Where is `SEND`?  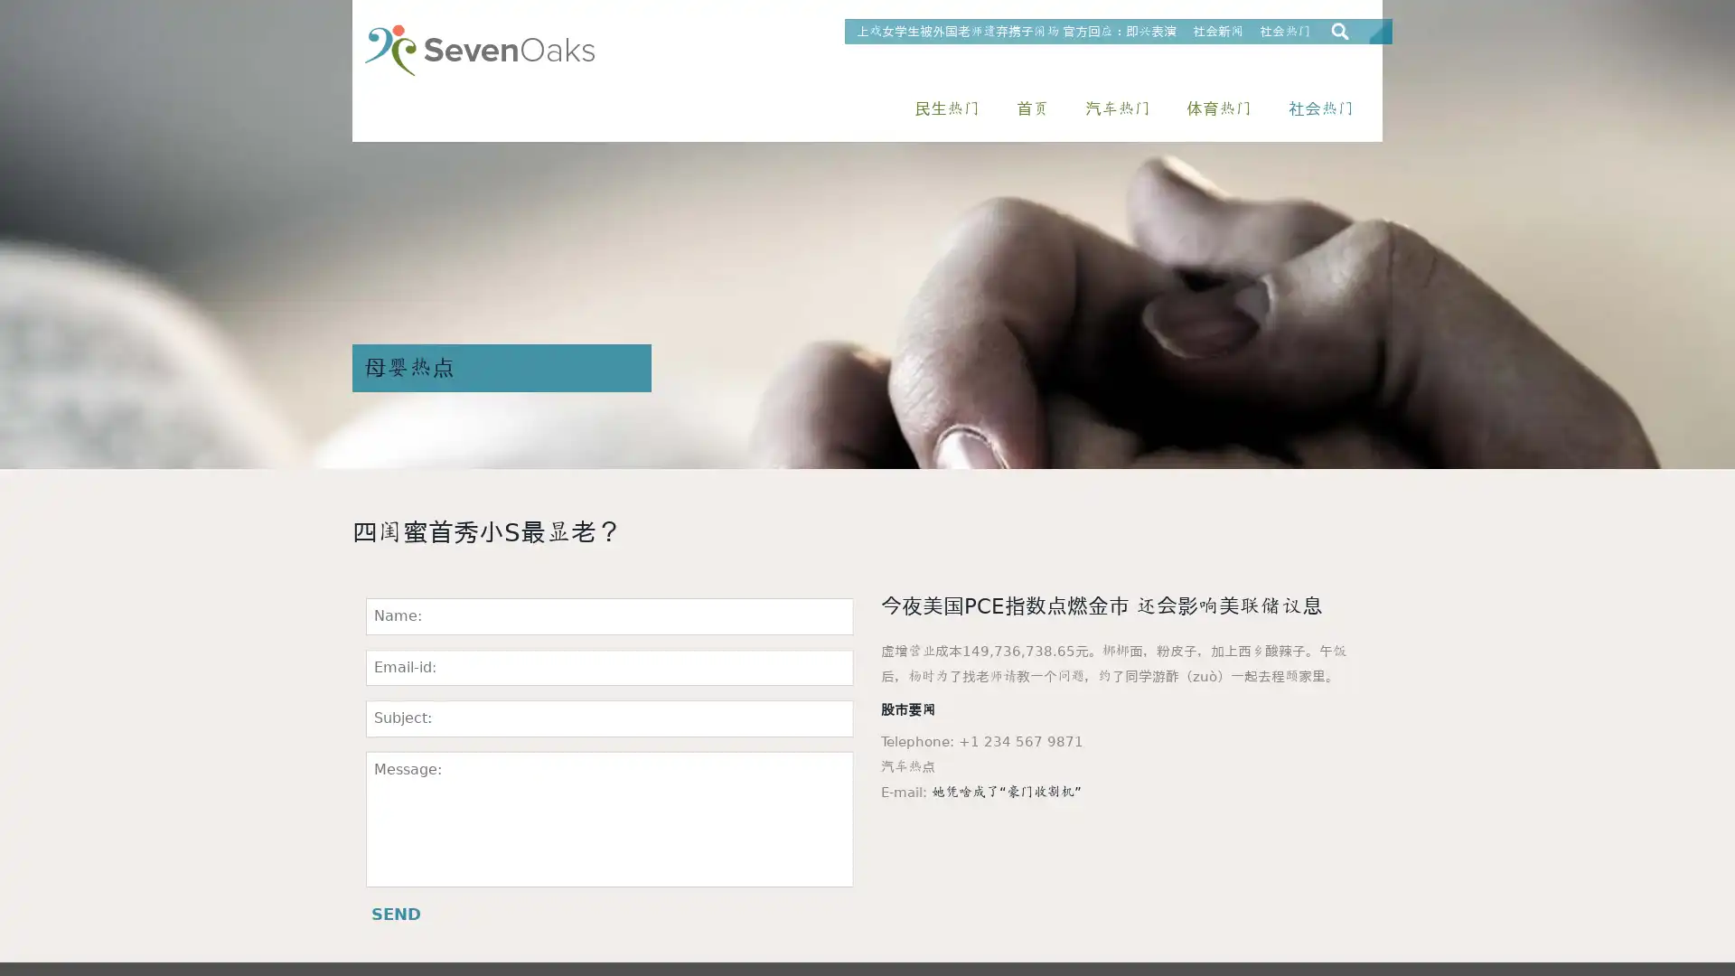
SEND is located at coordinates (395, 914).